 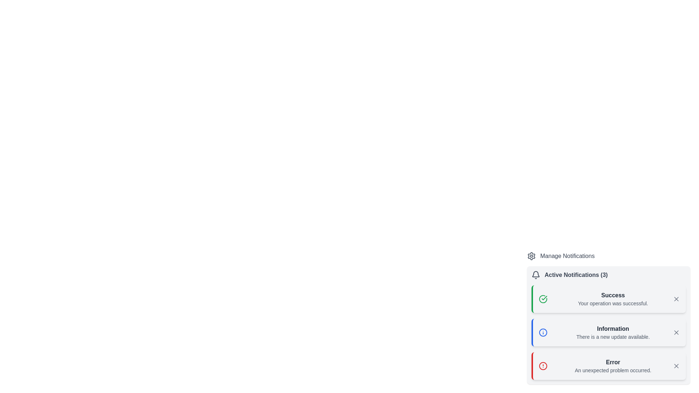 What do you see at coordinates (613, 333) in the screenshot?
I see `the informational notification message text block located within the second notification of the vertically stacked notification list, which is positioned between the 'Success' and 'Error' notifications, and next to a blue circular icon with an 'i' symbol` at bounding box center [613, 333].